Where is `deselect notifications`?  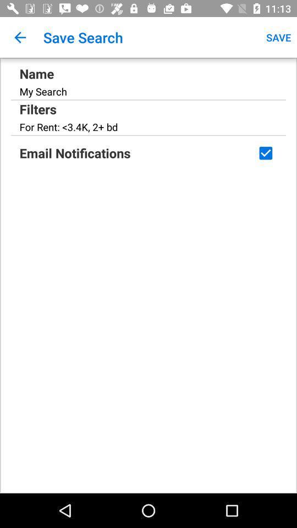
deselect notifications is located at coordinates (265, 152).